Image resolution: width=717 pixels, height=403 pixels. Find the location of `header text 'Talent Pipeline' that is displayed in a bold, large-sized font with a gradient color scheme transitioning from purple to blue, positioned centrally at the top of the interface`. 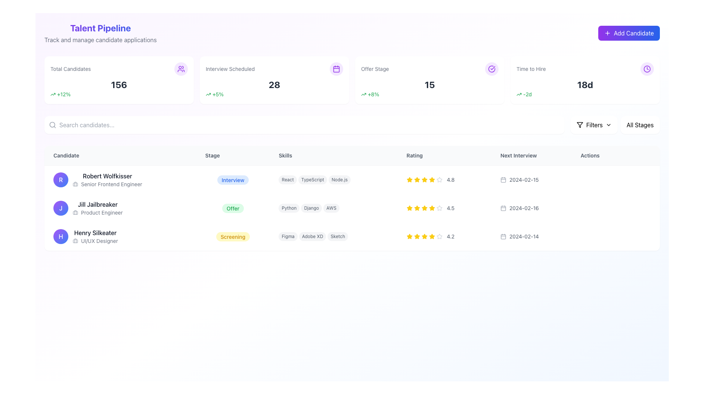

header text 'Talent Pipeline' that is displayed in a bold, large-sized font with a gradient color scheme transitioning from purple to blue, positioned centrally at the top of the interface is located at coordinates (100, 27).